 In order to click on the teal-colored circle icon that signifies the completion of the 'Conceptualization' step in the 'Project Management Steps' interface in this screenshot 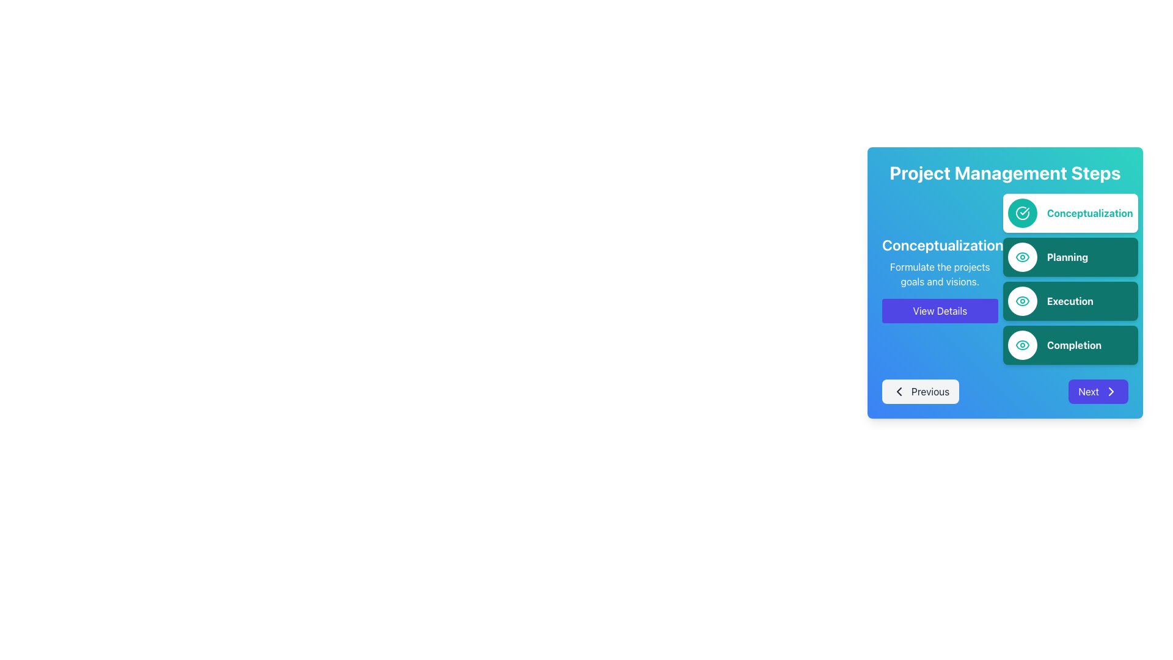, I will do `click(1022, 212)`.